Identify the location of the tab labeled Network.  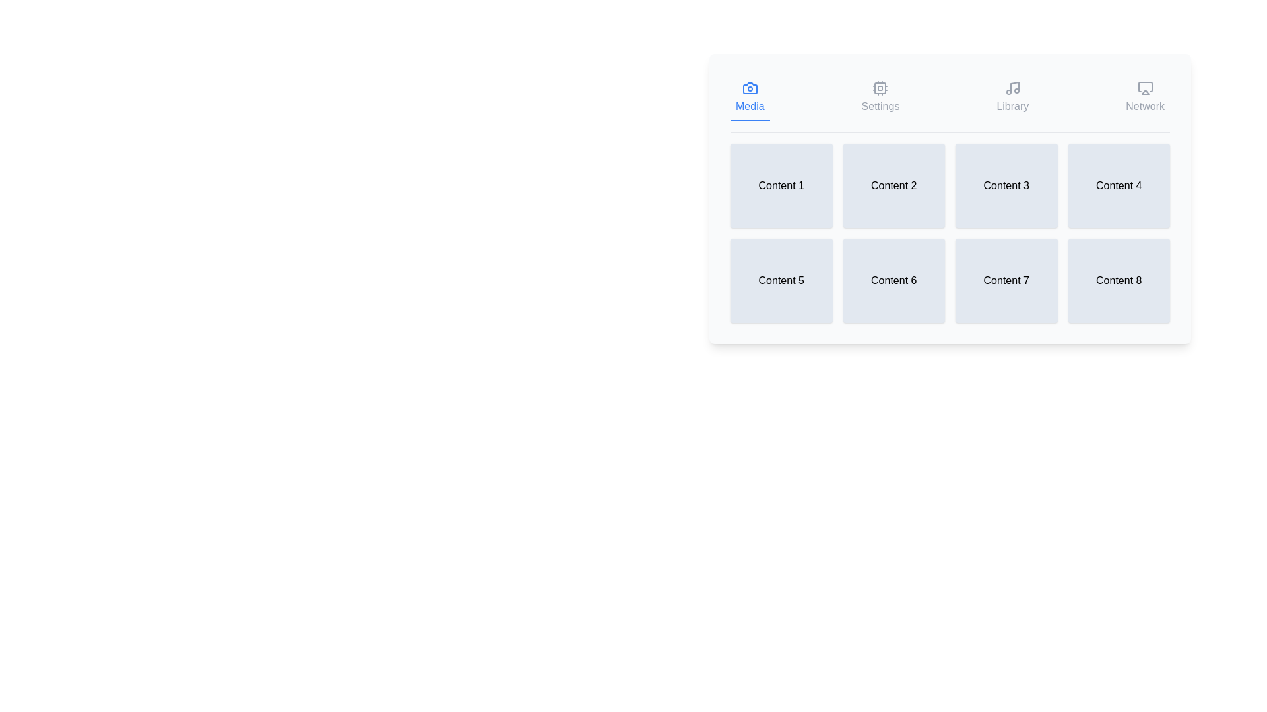
(1144, 98).